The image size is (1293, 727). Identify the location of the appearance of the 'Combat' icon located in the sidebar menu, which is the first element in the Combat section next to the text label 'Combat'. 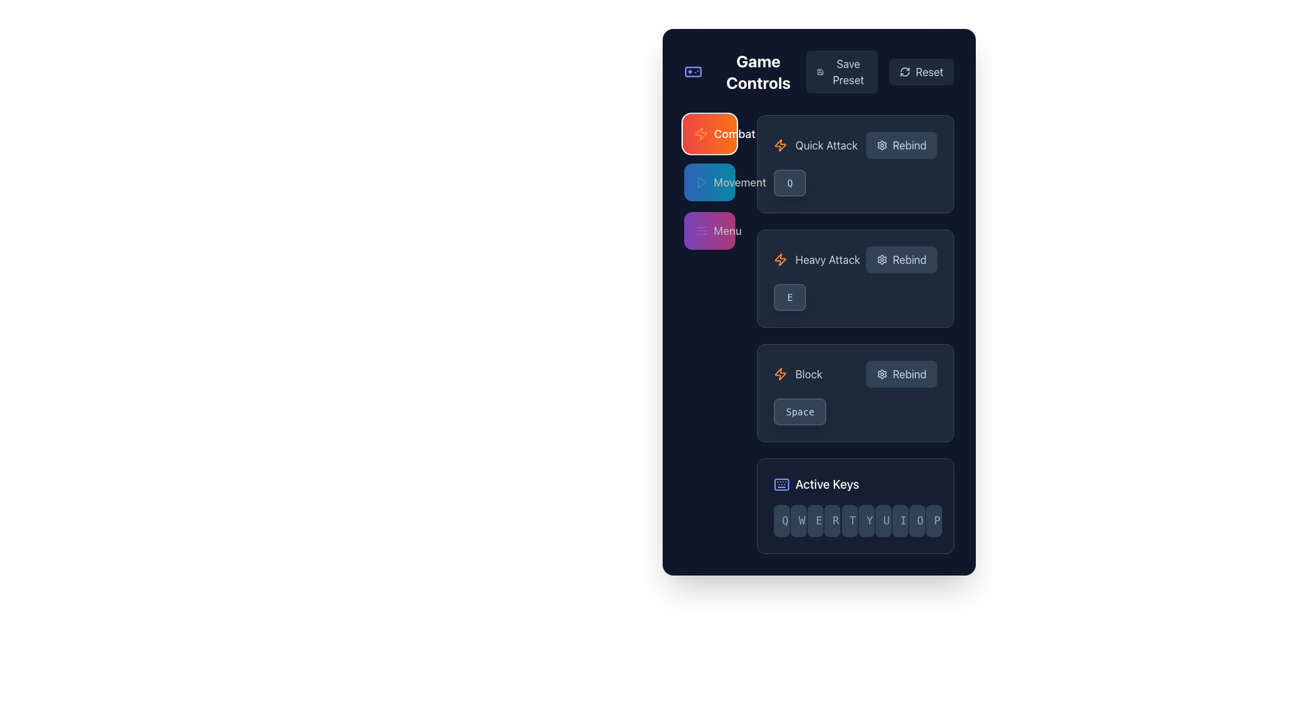
(700, 134).